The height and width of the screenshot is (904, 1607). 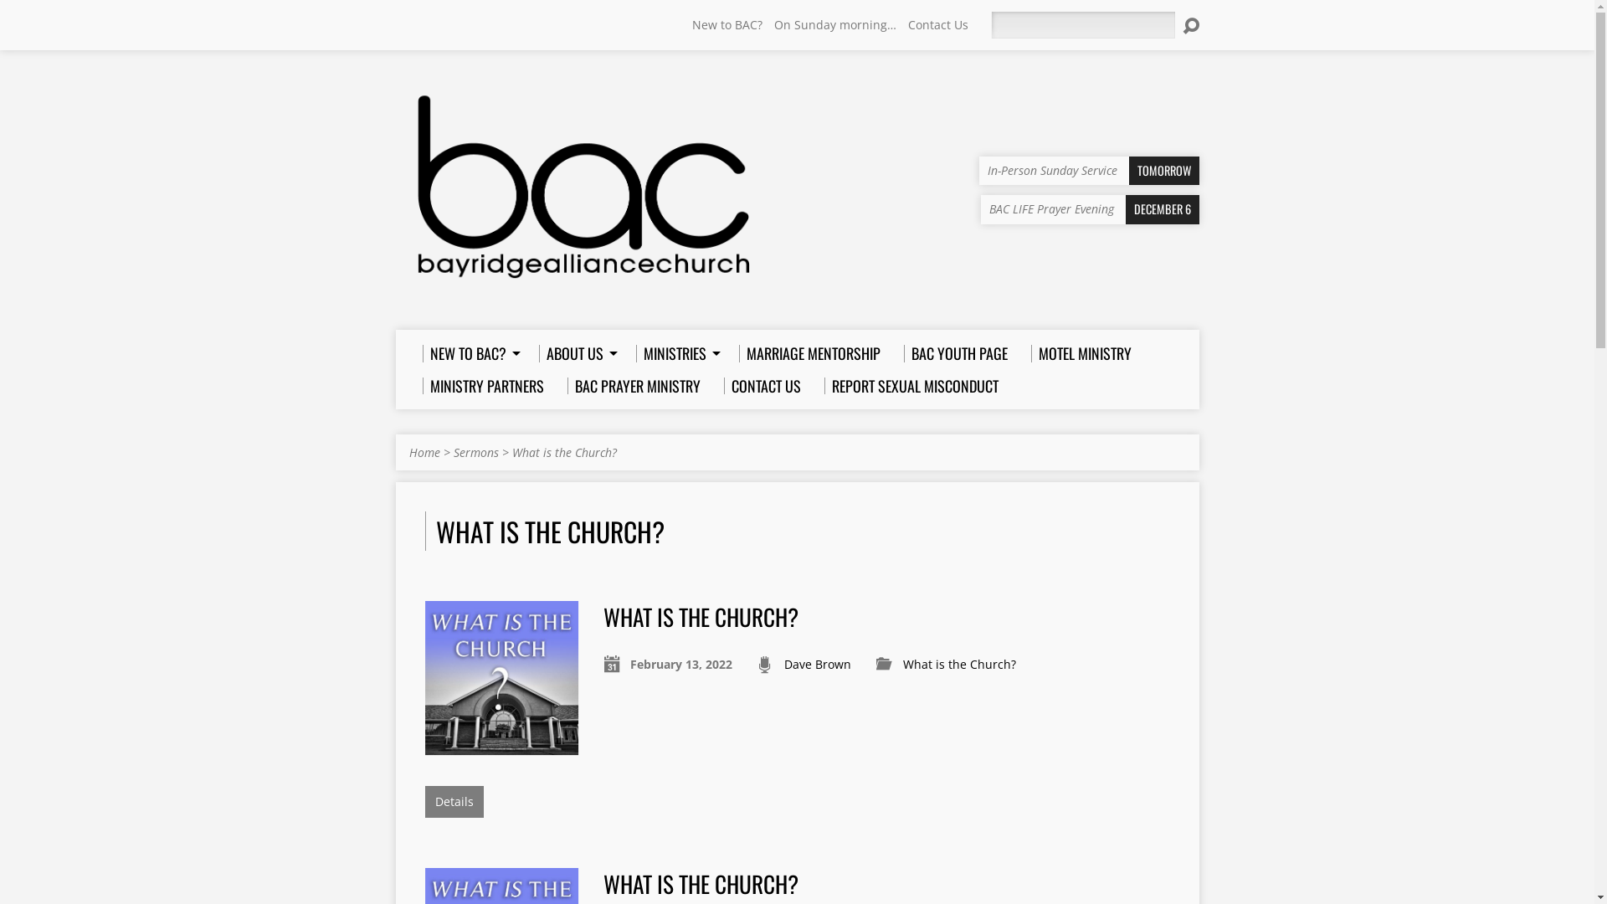 I want to click on 'REPORT SEXUAL MISCONDUCT', so click(x=823, y=386).